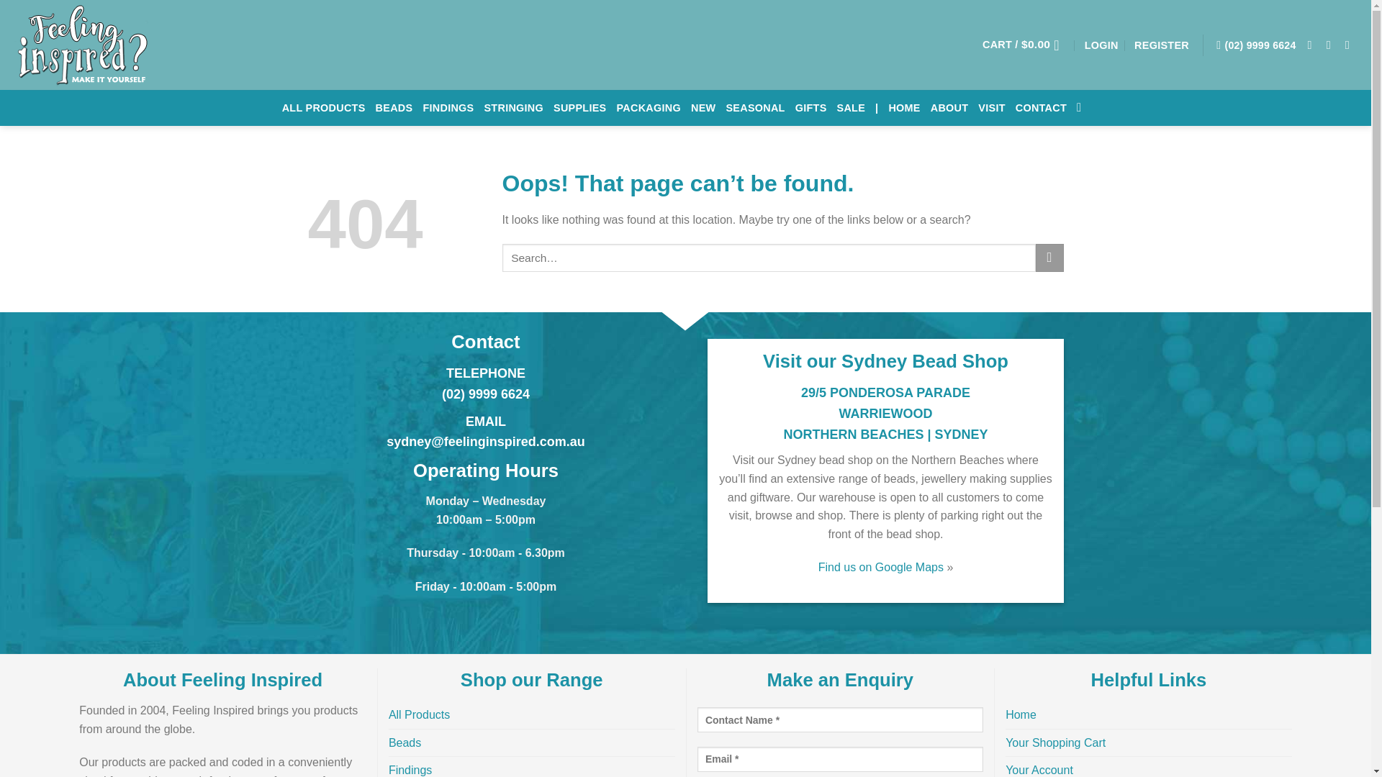  Describe the element at coordinates (1015, 107) in the screenshot. I see `'CONTACT'` at that location.